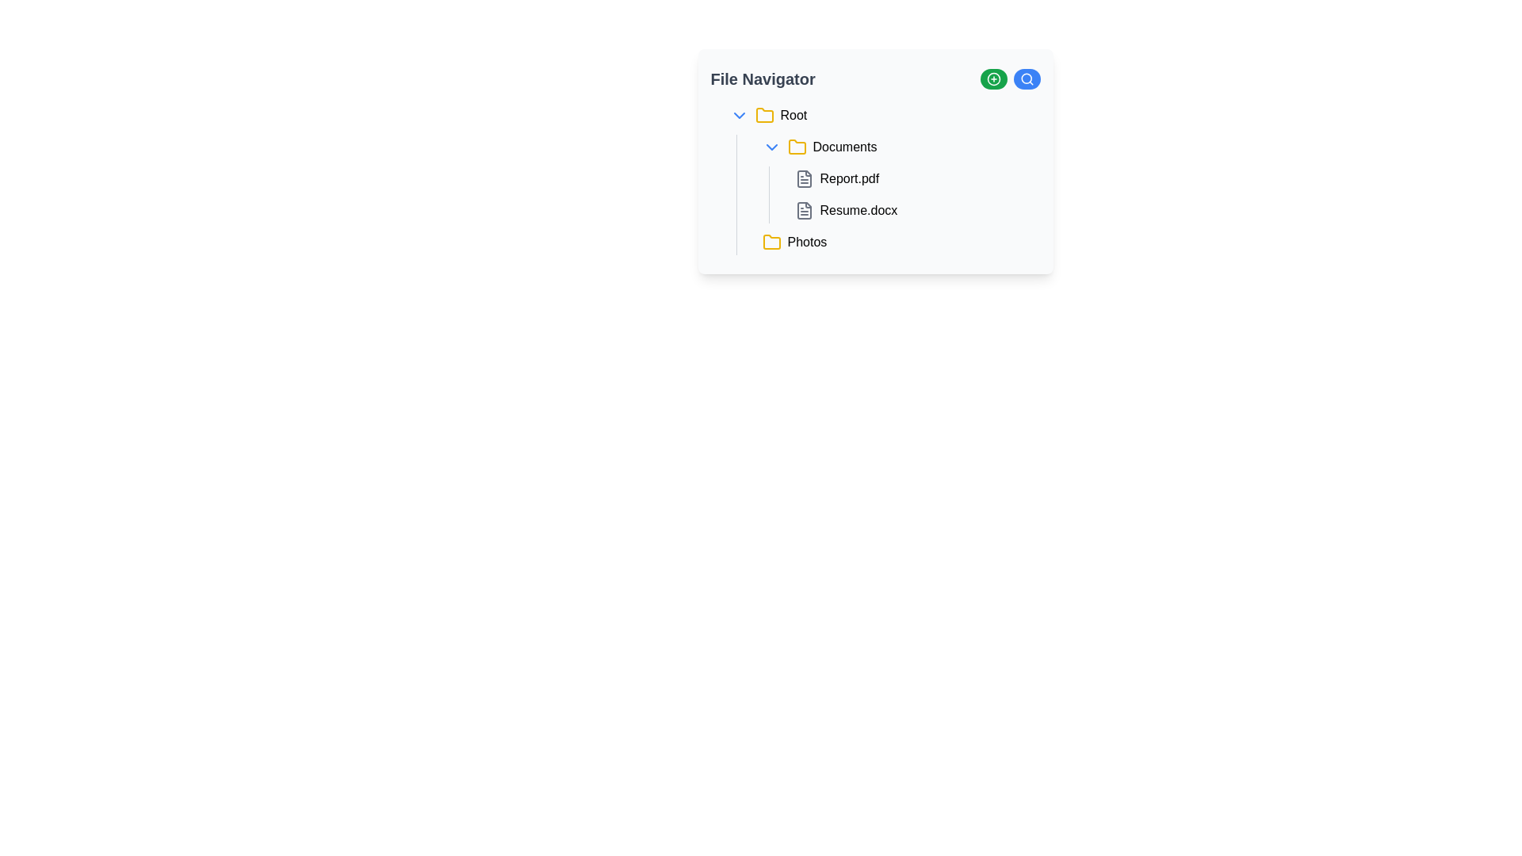 This screenshot has height=856, width=1522. I want to click on the outer circular border of the SVG icon representing a plus symbol located at the top right corner of the UI panel, which indicates an action to create something new, so click(992, 79).